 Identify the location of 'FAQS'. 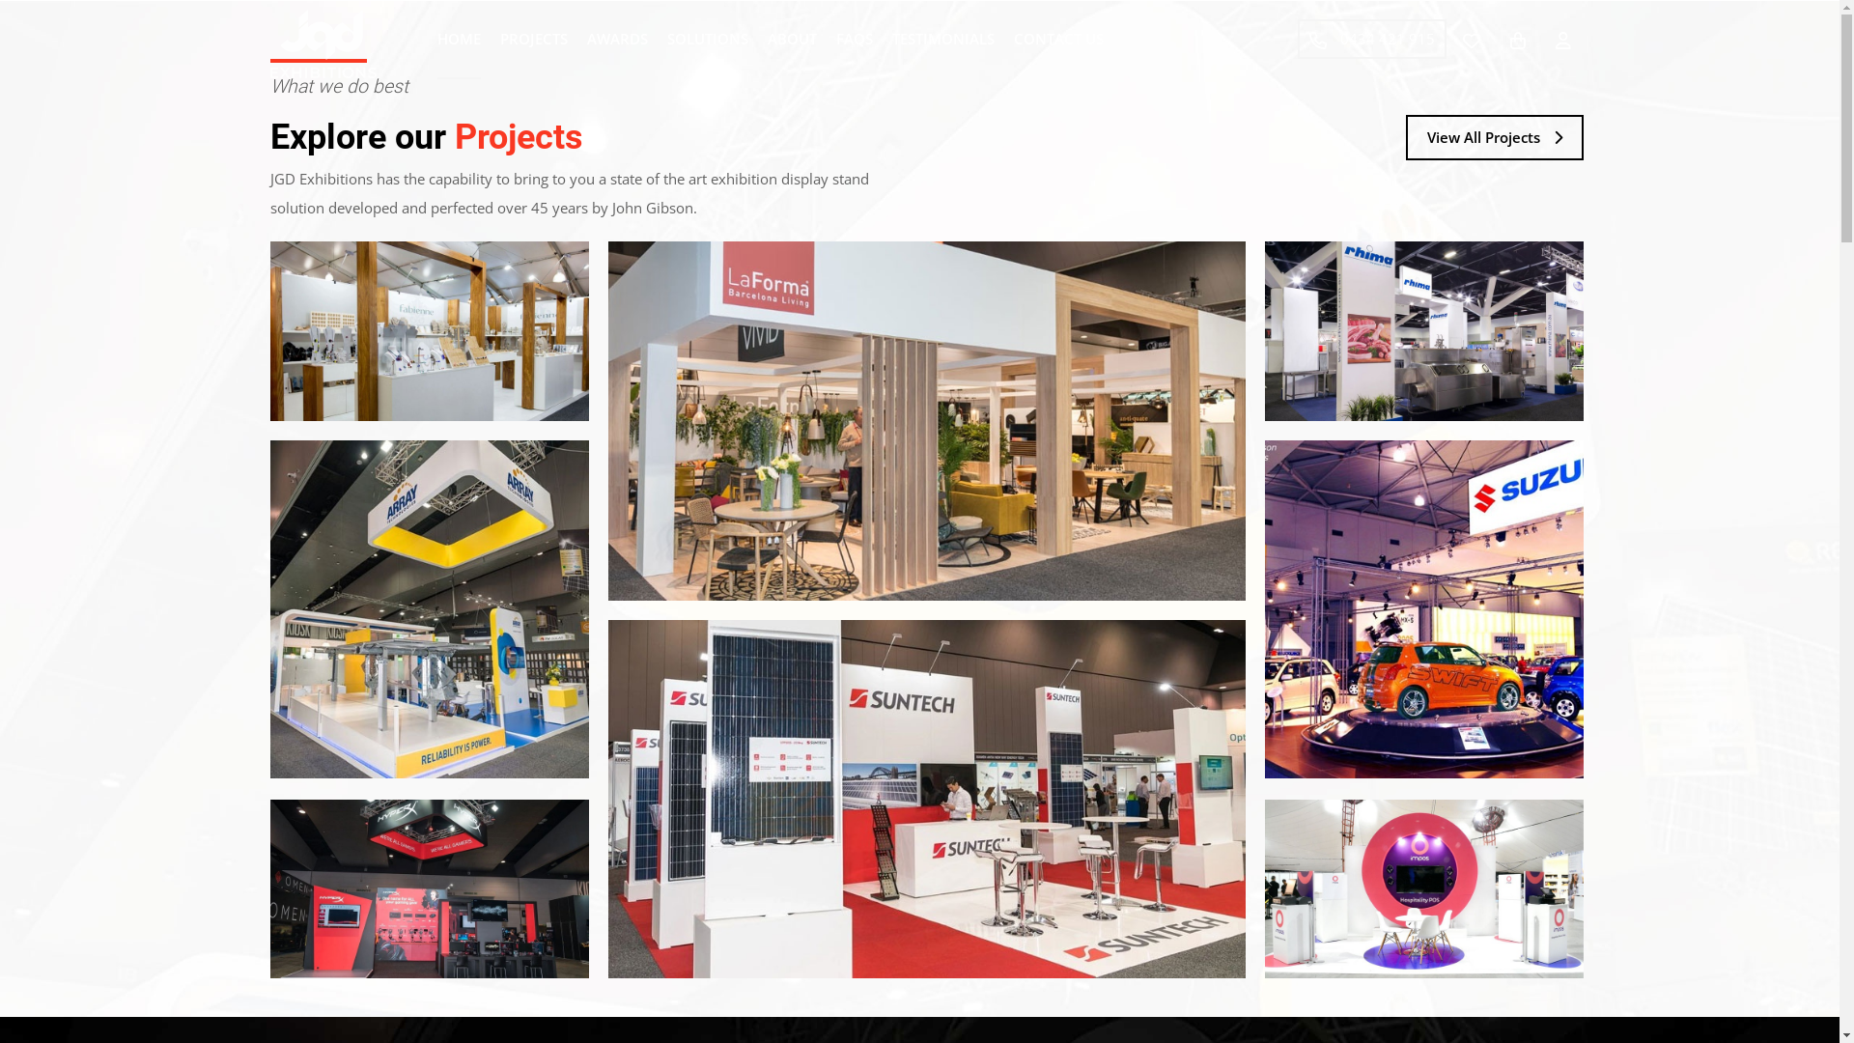
(853, 38).